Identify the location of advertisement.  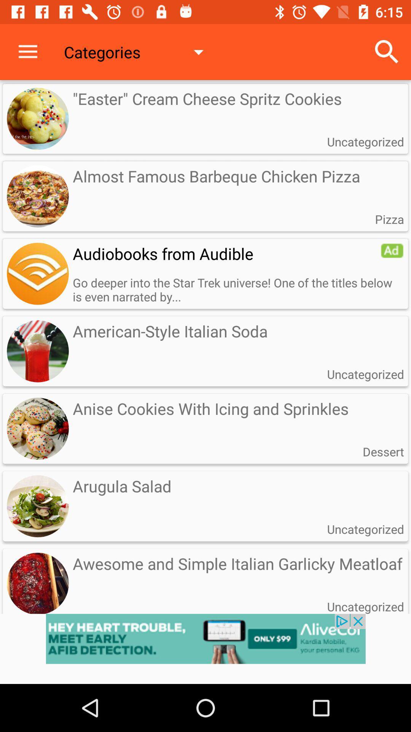
(392, 250).